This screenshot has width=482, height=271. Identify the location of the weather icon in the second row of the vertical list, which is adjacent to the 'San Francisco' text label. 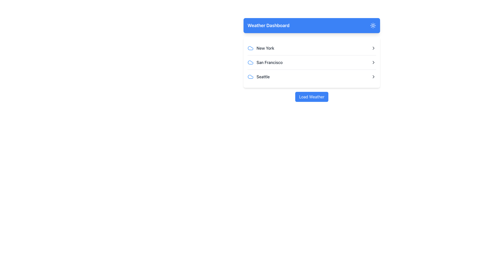
(251, 62).